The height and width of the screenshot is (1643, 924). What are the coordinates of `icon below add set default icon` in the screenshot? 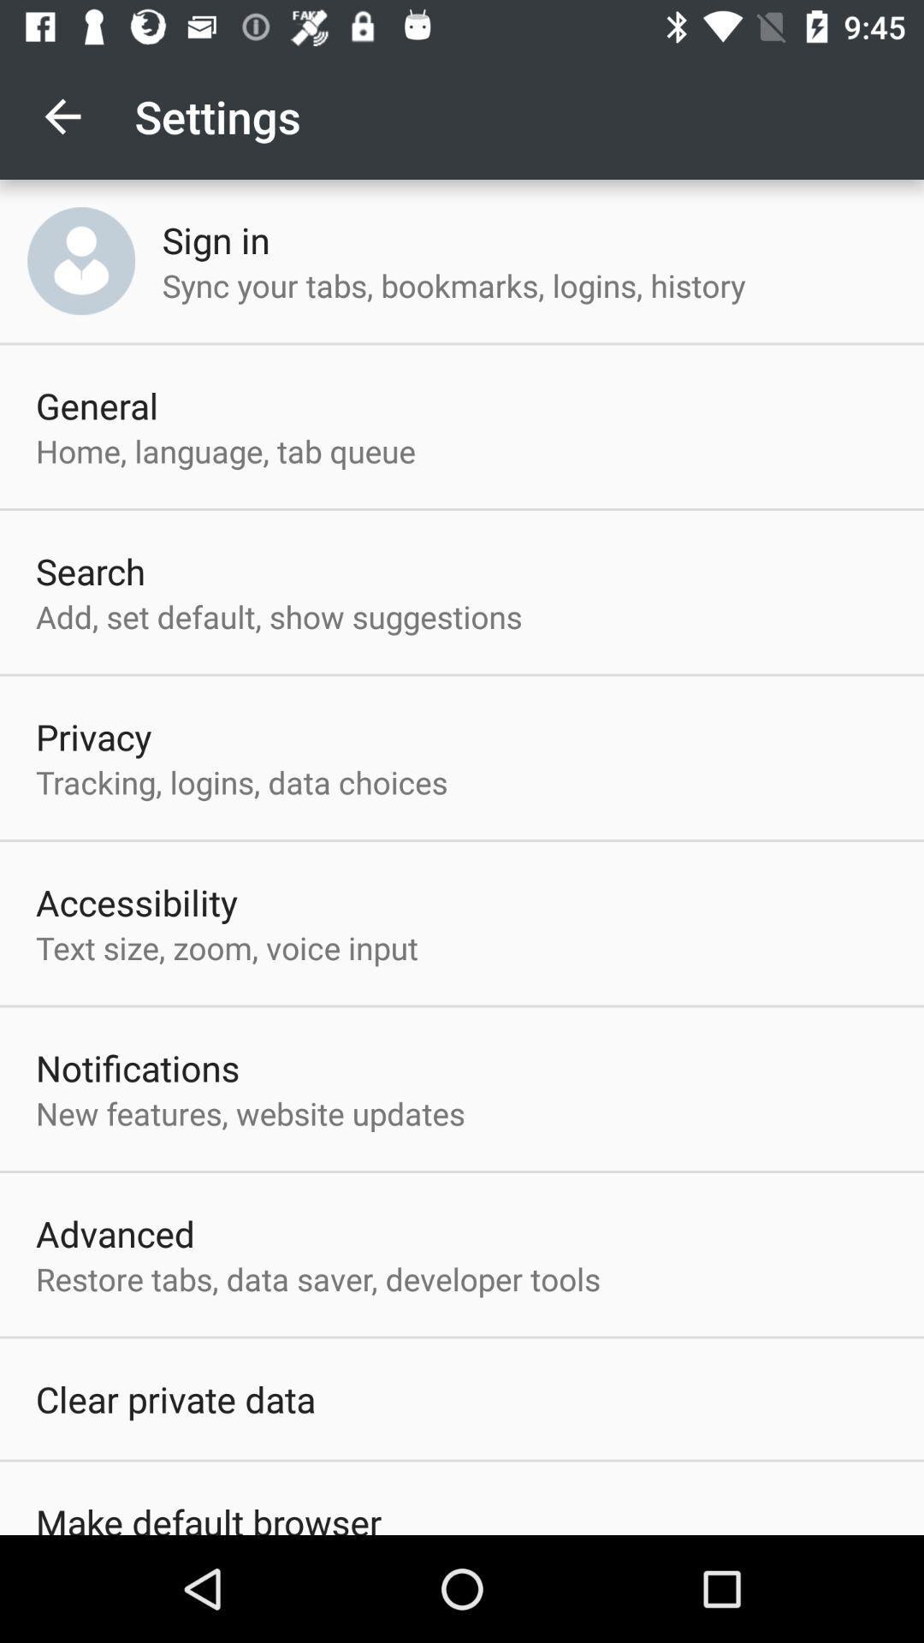 It's located at (93, 736).